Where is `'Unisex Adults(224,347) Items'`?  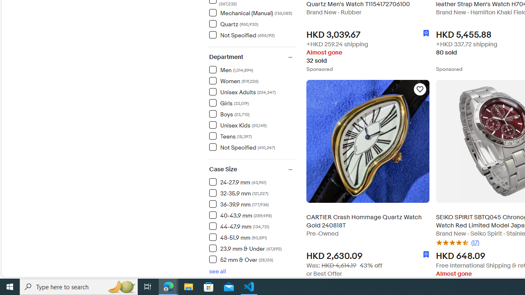
'Unisex Adults(224,347) Items' is located at coordinates (252, 91).